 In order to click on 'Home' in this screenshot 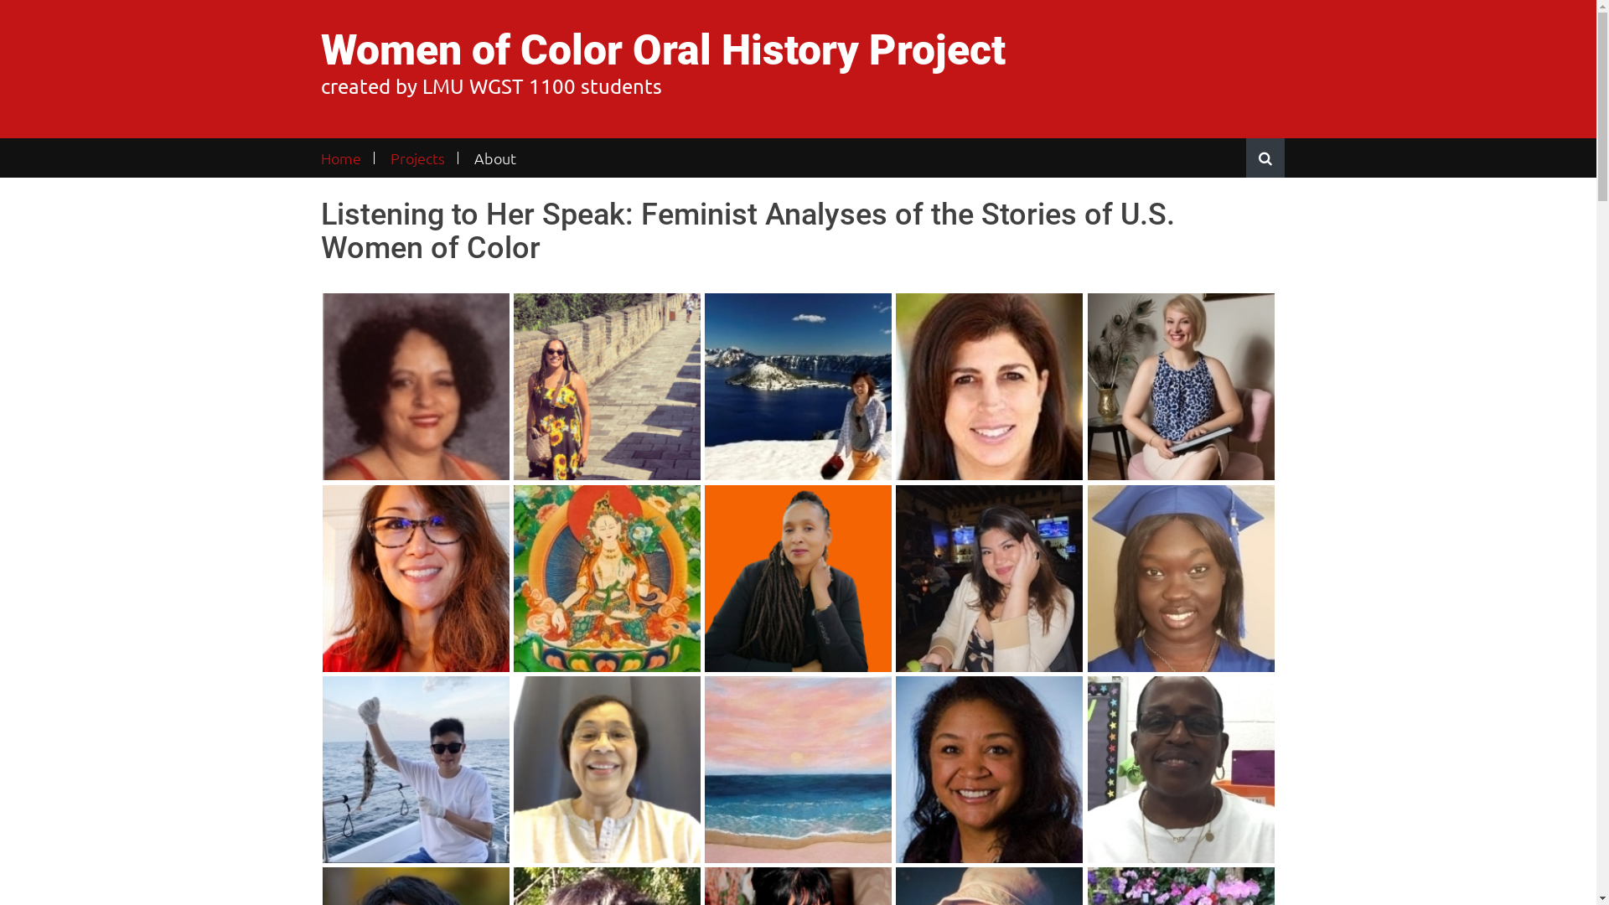, I will do `click(345, 158)`.